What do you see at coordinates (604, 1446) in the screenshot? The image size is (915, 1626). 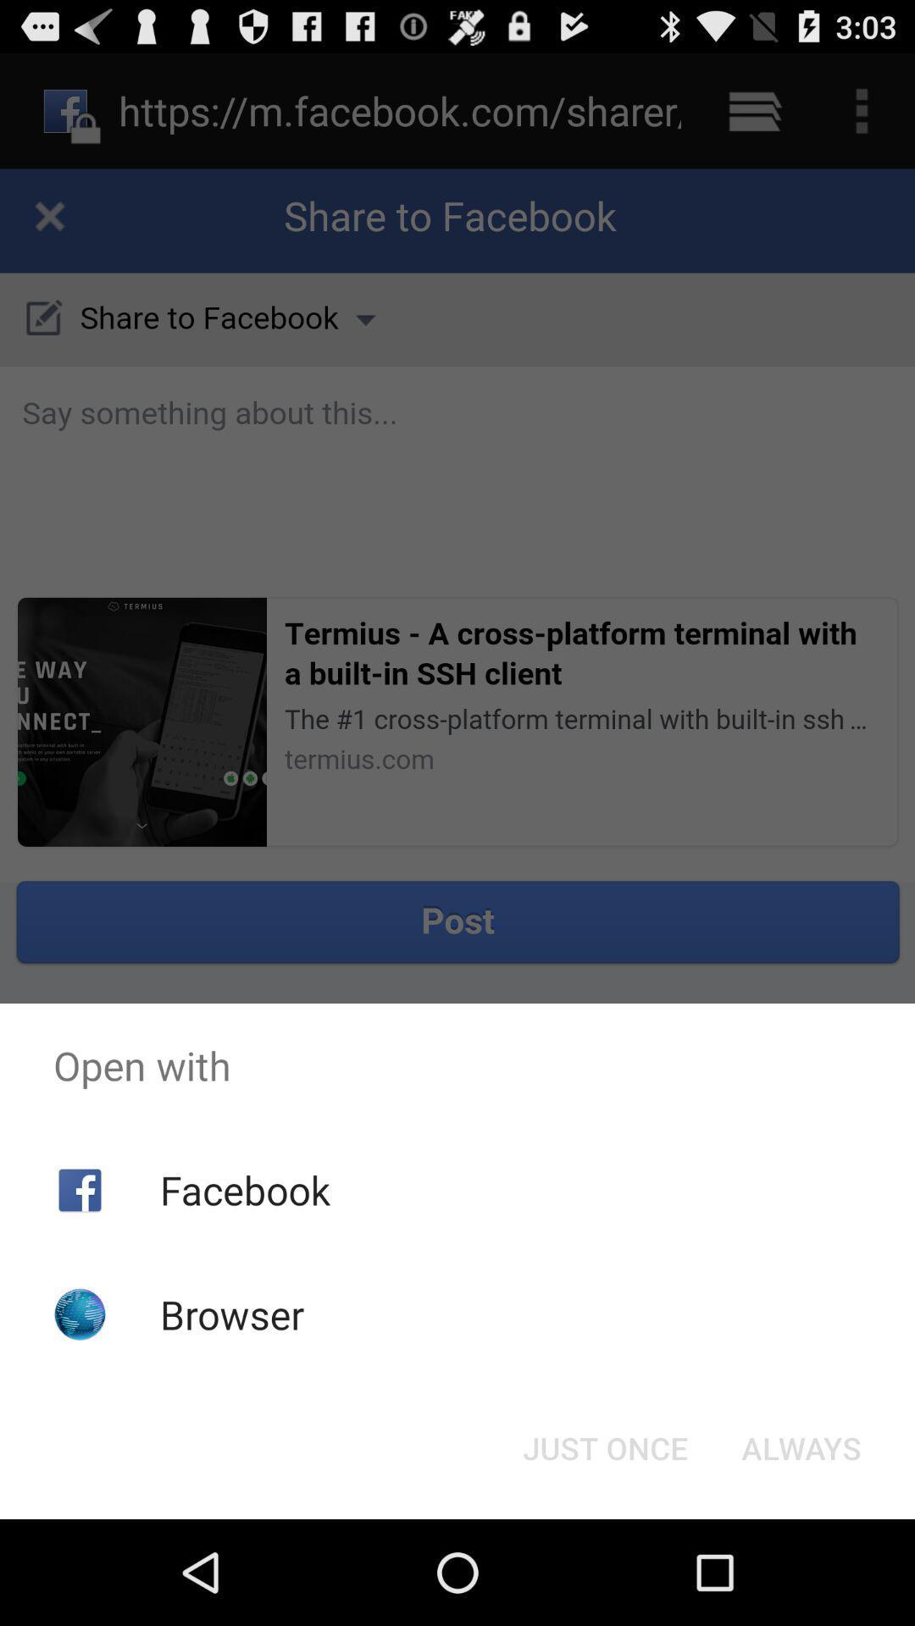 I see `button at the bottom` at bounding box center [604, 1446].